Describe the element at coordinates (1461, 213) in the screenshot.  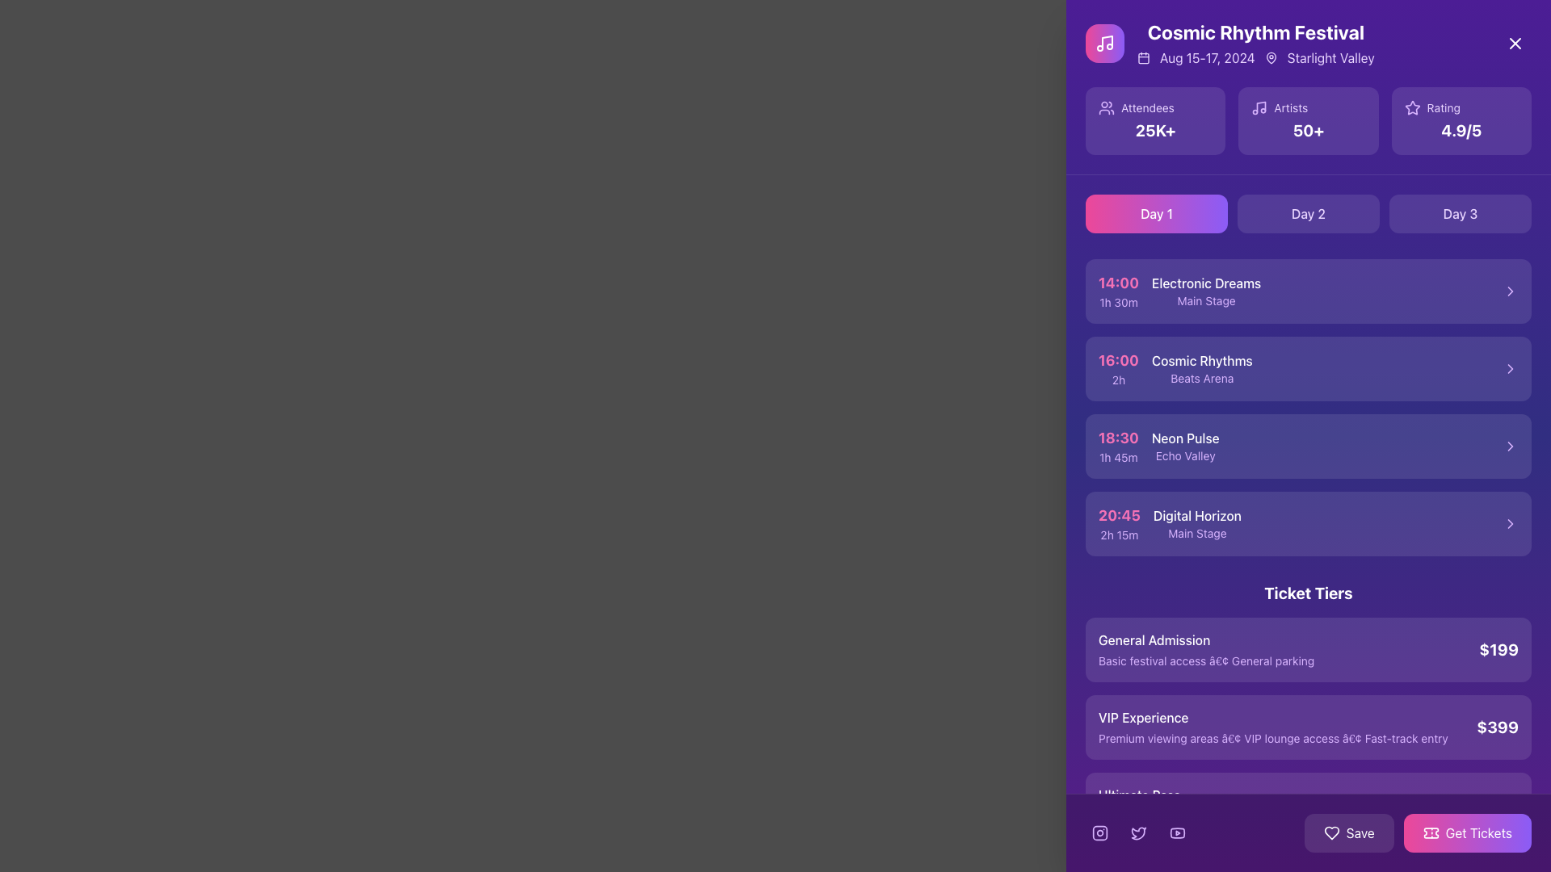
I see `the 'Day 3' tab in the top-right menu` at that location.